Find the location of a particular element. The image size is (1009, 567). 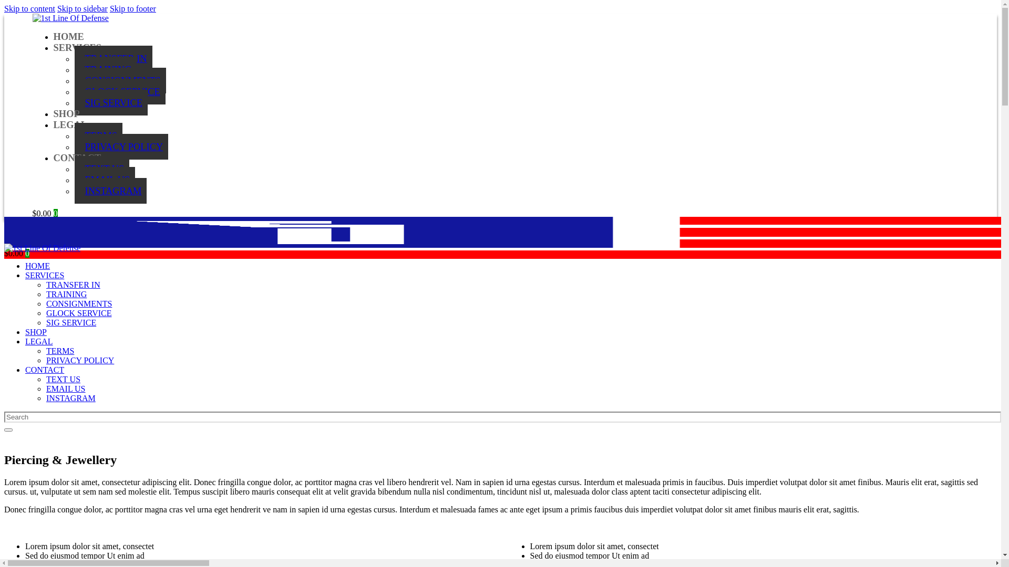

'HOME' is located at coordinates (53, 36).